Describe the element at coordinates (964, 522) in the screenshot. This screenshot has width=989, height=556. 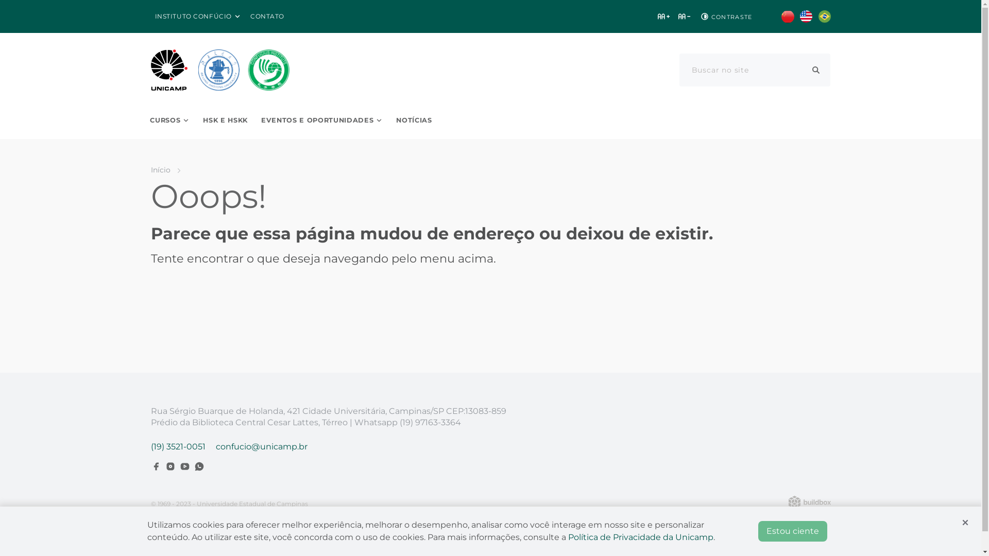
I see `'Fechar'` at that location.